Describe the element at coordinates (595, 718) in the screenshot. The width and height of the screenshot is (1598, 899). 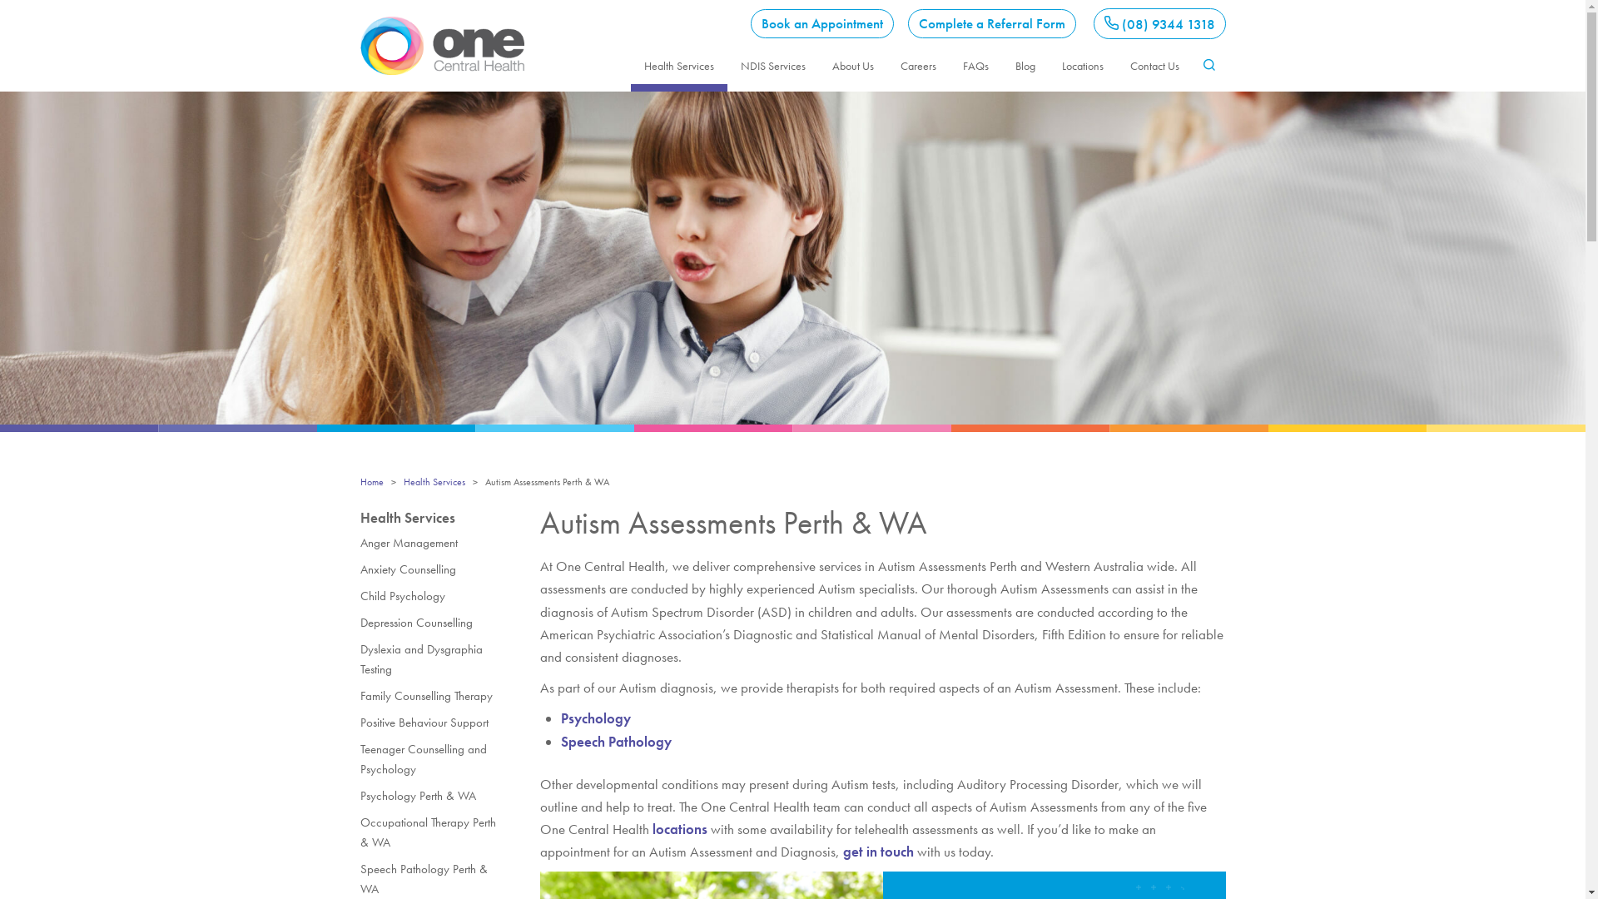
I see `'Psychology'` at that location.